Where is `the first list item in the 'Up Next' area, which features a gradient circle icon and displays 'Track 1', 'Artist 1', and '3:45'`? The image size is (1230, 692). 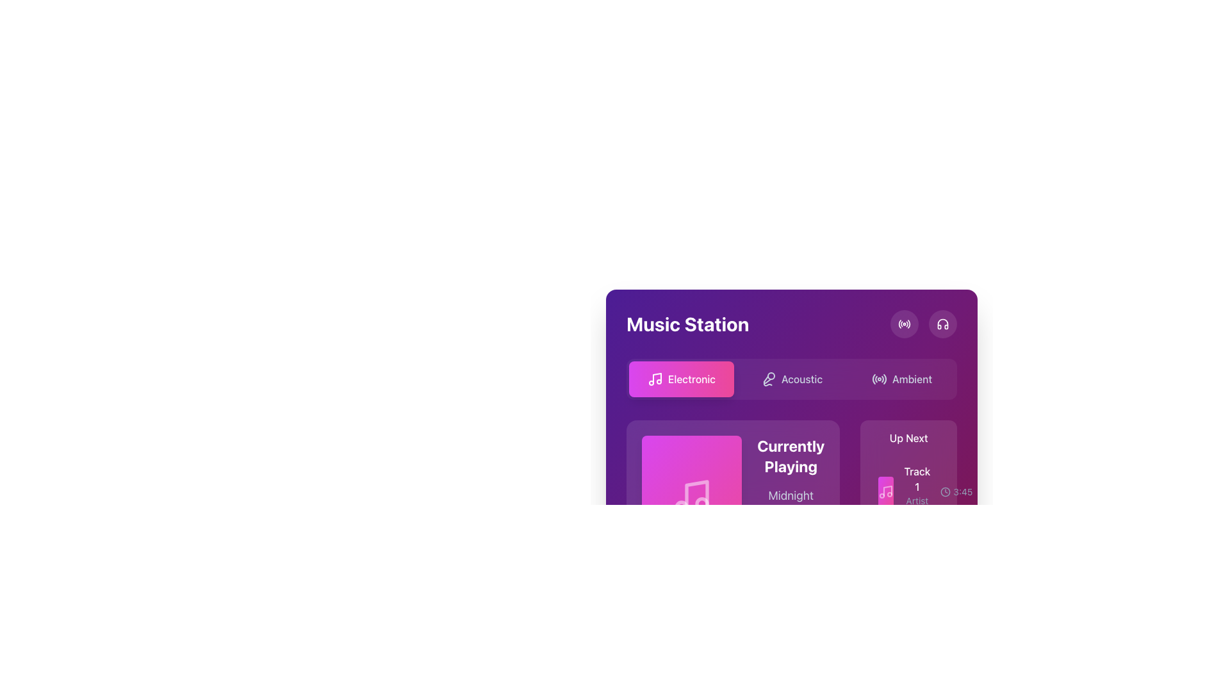
the first list item in the 'Up Next' area, which features a gradient circle icon and displays 'Track 1', 'Artist 1', and '3:45' is located at coordinates (908, 491).